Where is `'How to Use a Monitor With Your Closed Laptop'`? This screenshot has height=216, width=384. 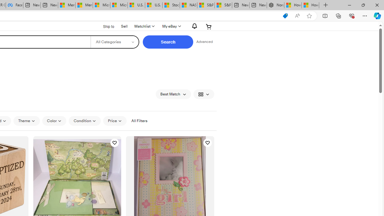 'How to Use a Monitor With Your Closed Laptop' is located at coordinates (310, 5).